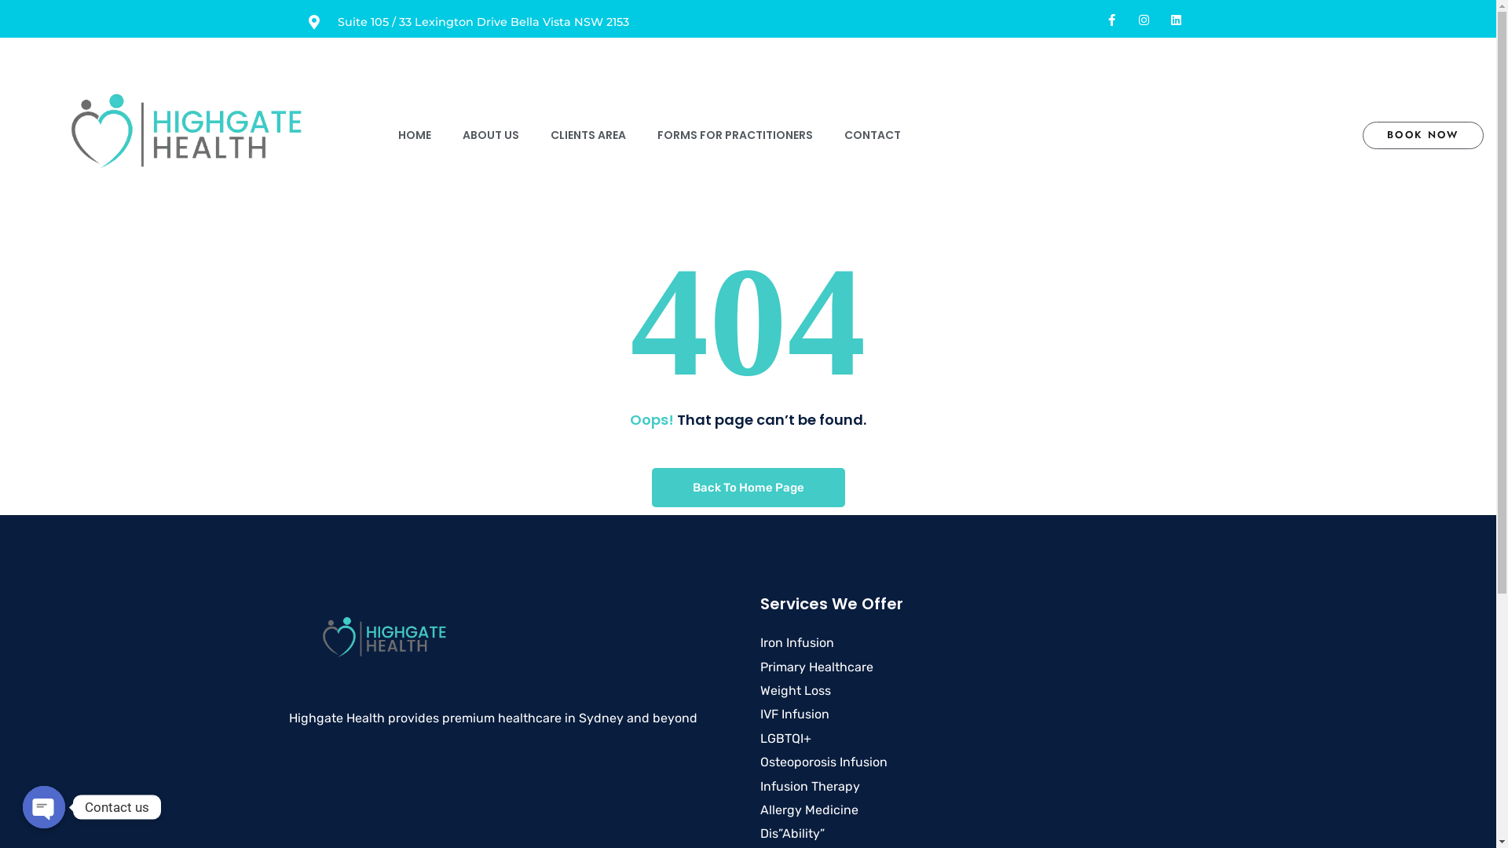  I want to click on 'Infusion Therapy', so click(810, 786).